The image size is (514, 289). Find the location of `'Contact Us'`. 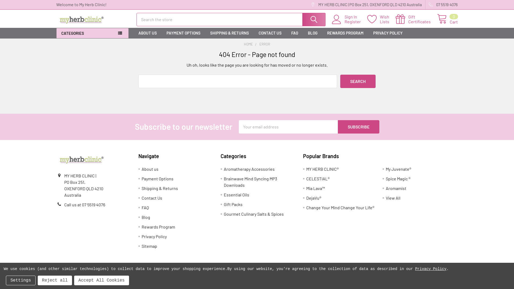

'Contact Us' is located at coordinates (152, 198).